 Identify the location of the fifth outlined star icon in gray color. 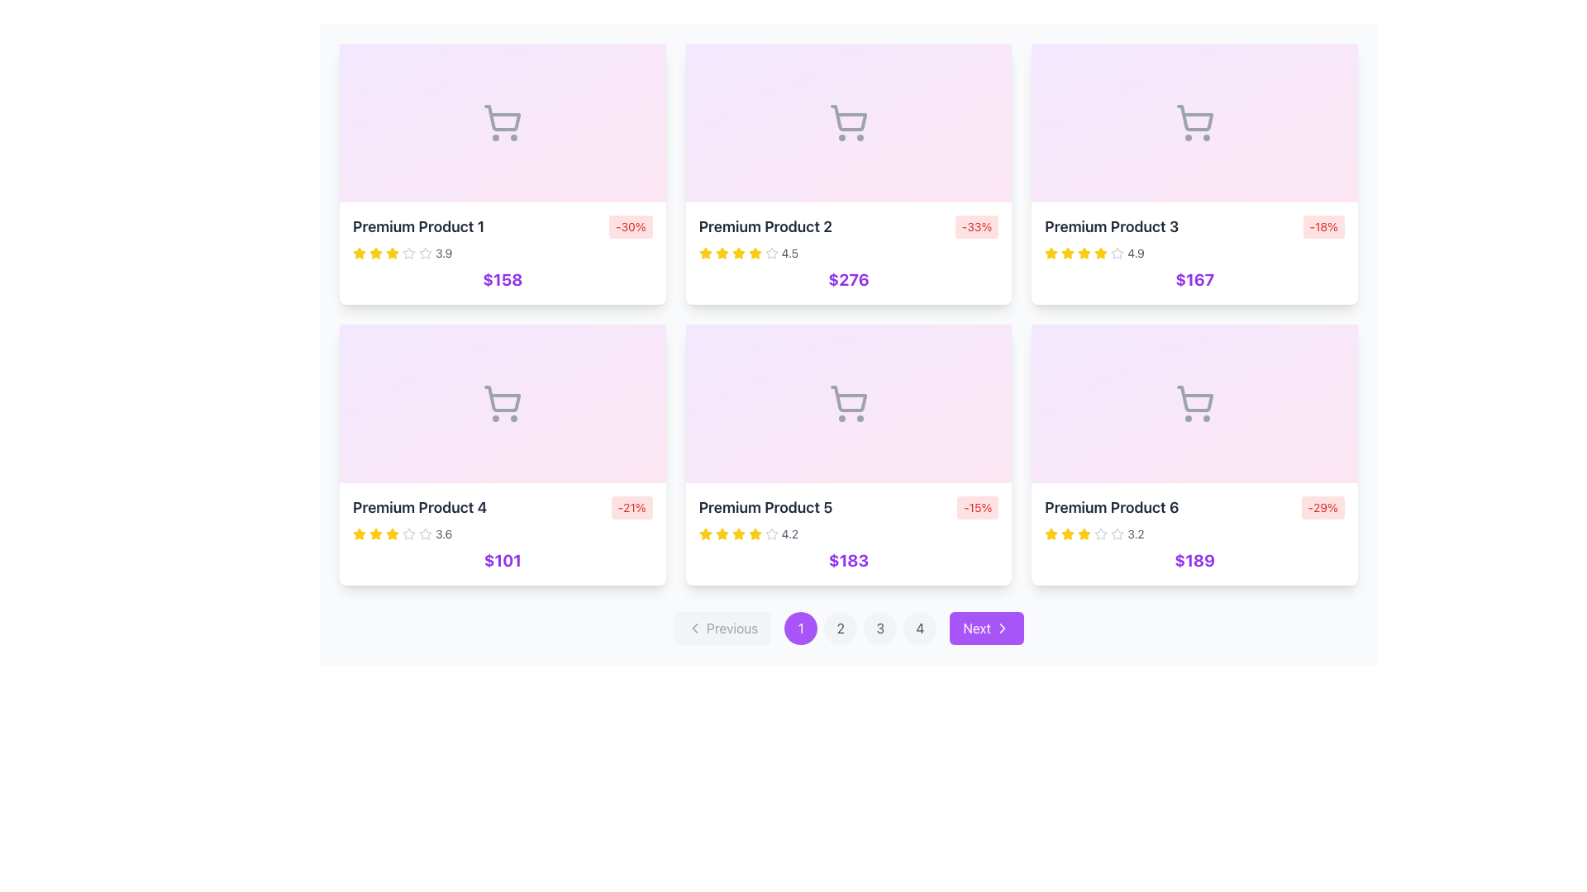
(408, 254).